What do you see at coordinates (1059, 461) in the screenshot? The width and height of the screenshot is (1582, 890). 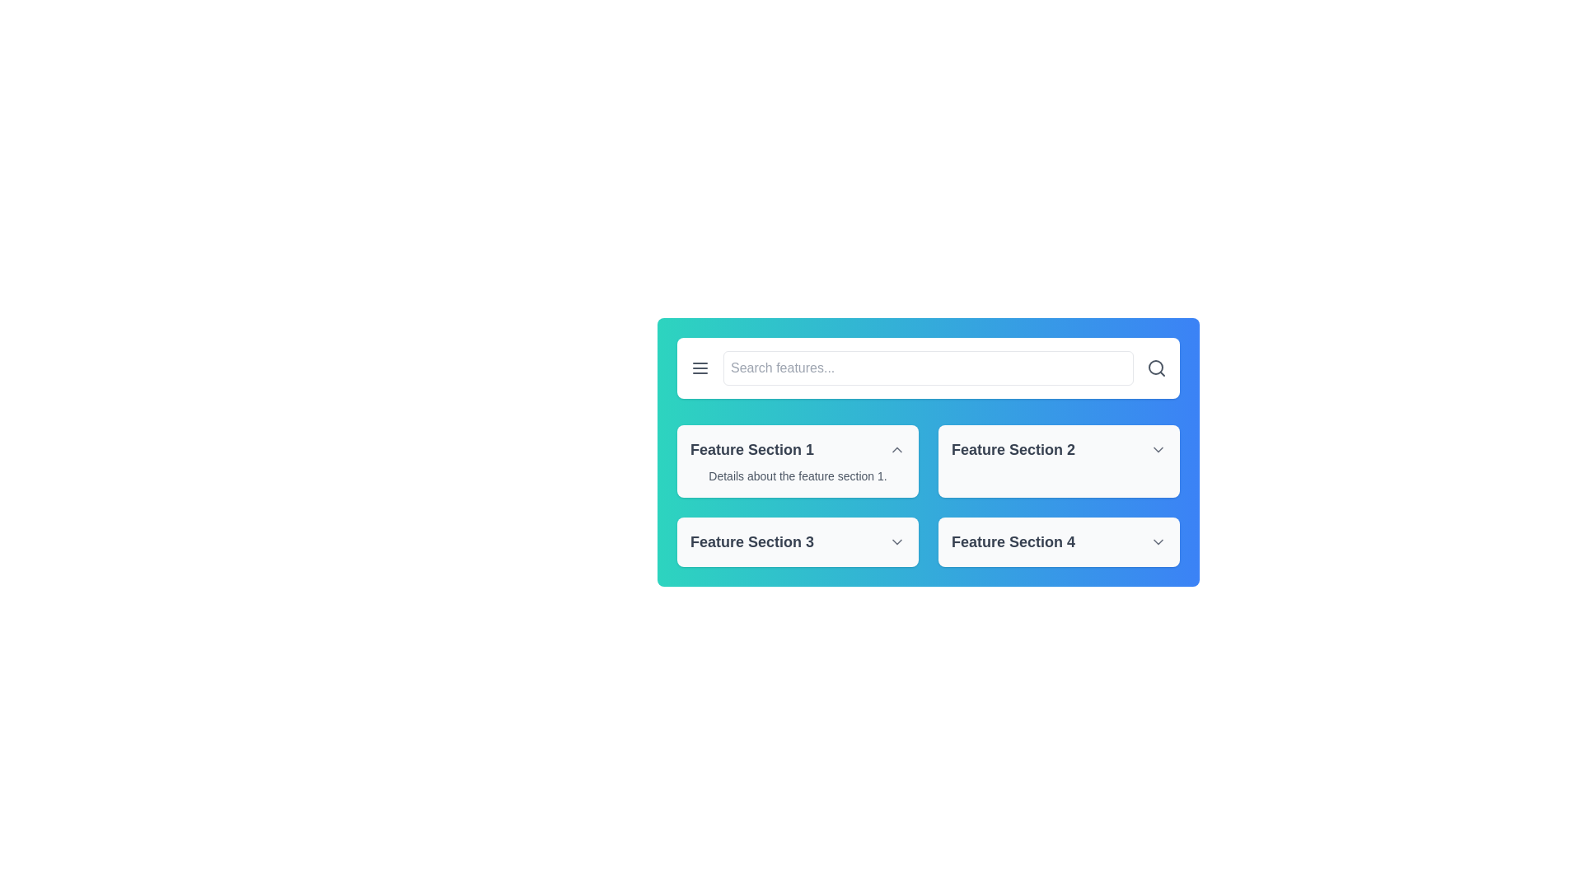 I see `the chevron icon on the second Card or Section Header in the grid layout` at bounding box center [1059, 461].